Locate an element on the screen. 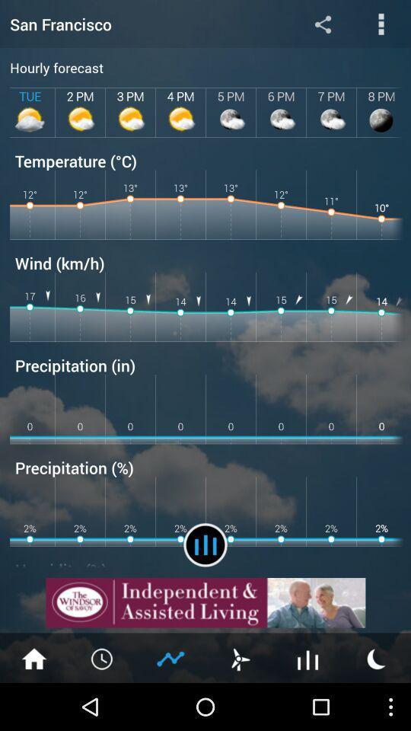  menu page is located at coordinates (381, 23).